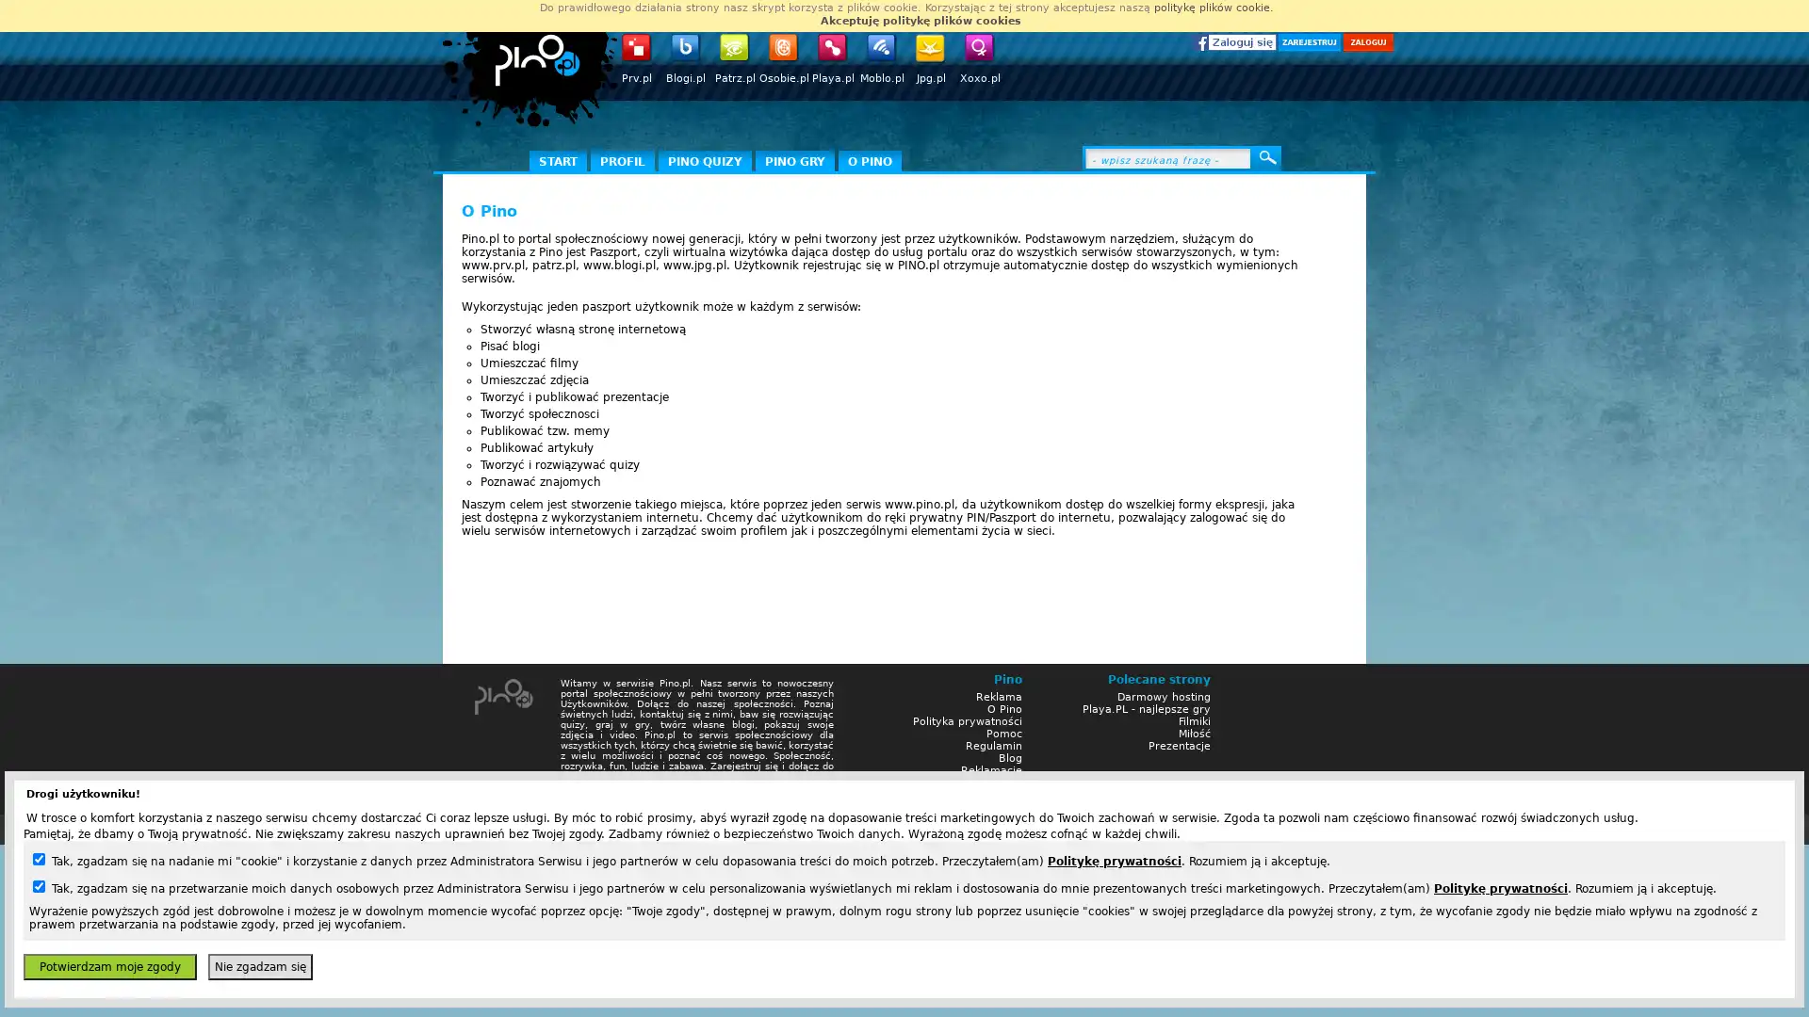 The image size is (1809, 1017). I want to click on Nie zgadzam sie, so click(259, 966).